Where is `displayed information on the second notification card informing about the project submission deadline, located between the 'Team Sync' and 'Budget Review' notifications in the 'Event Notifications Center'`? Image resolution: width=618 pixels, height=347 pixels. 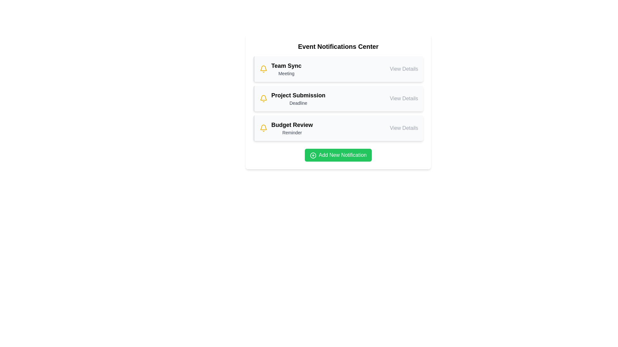
displayed information on the second notification card informing about the project submission deadline, located between the 'Team Sync' and 'Budget Review' notifications in the 'Event Notifications Center' is located at coordinates (338, 99).